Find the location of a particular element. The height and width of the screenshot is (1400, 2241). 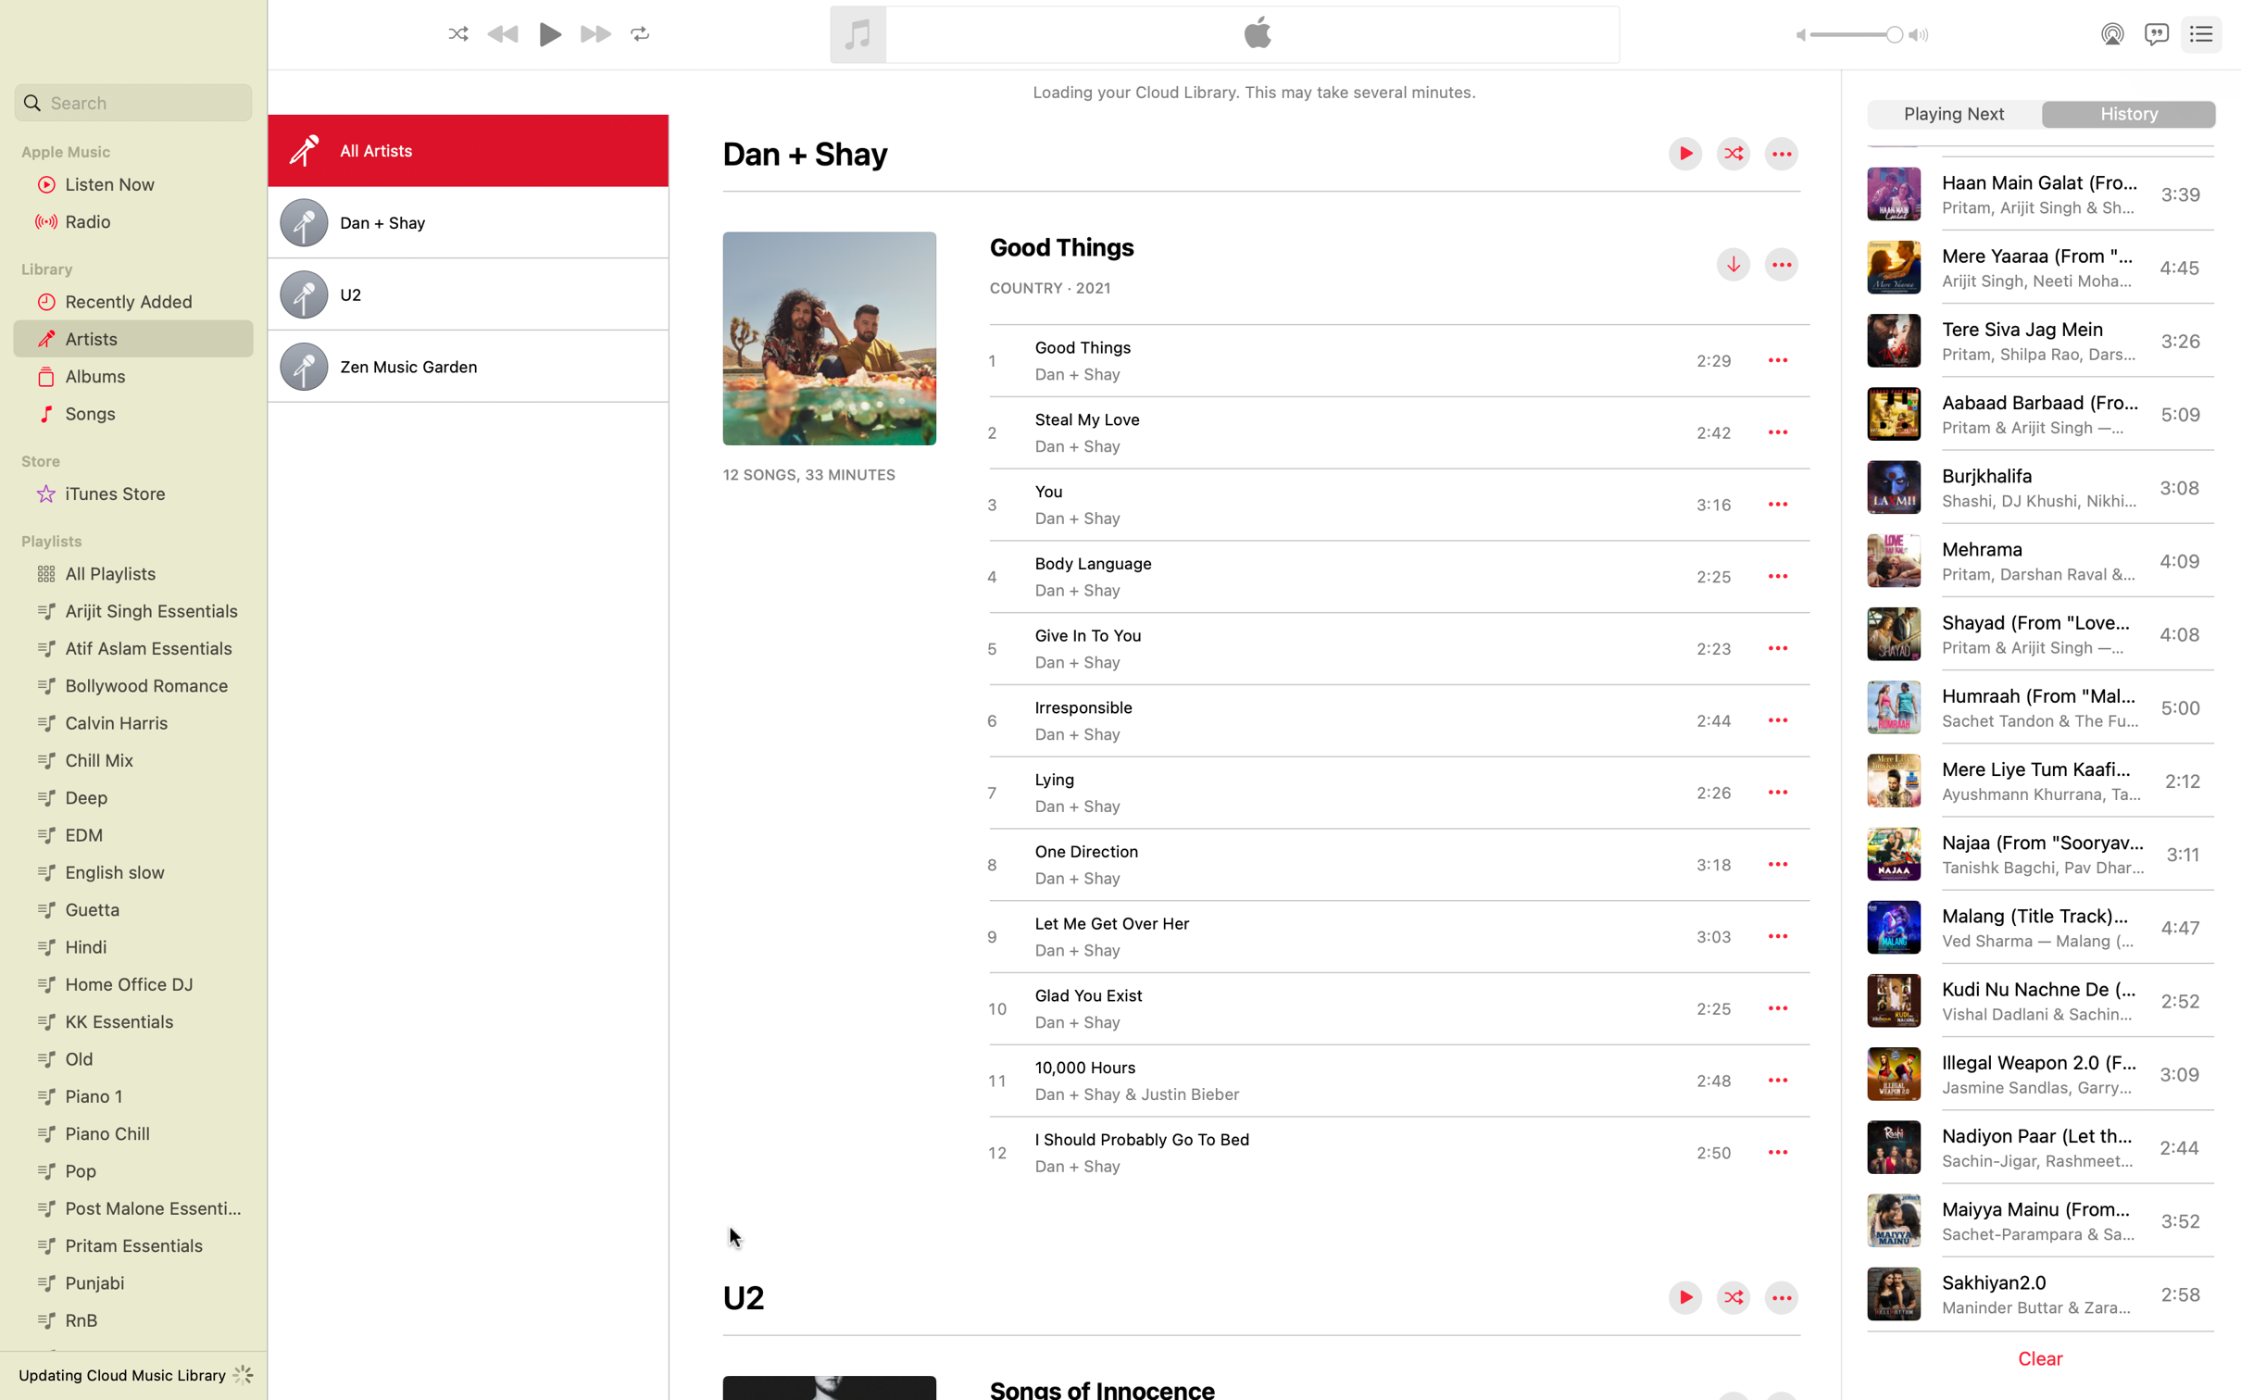

Using the additional features button, set the "1000 hours" song to play subsequently is located at coordinates (1777, 1080).